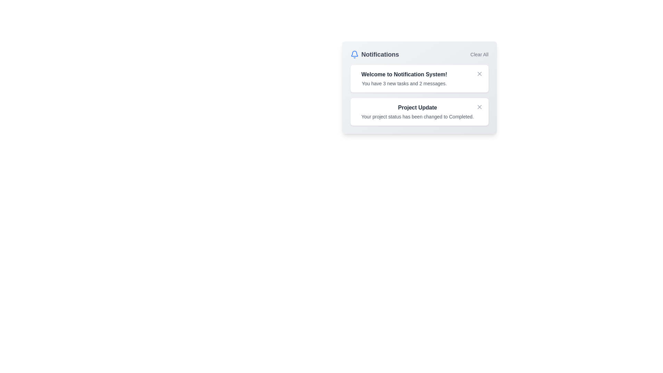 The height and width of the screenshot is (373, 663). Describe the element at coordinates (379, 54) in the screenshot. I see `the section labeled` at that location.